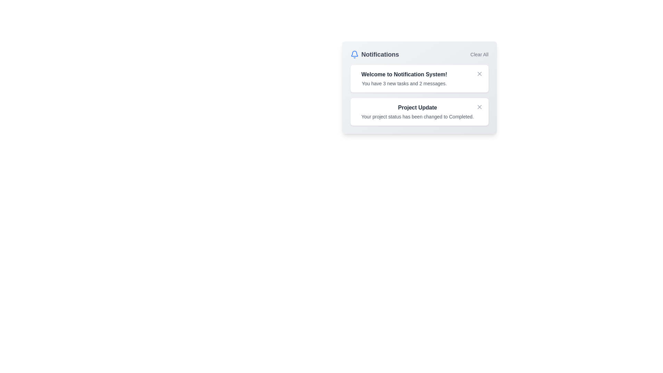 The height and width of the screenshot is (373, 663). Describe the element at coordinates (379, 54) in the screenshot. I see `the section labeled` at that location.